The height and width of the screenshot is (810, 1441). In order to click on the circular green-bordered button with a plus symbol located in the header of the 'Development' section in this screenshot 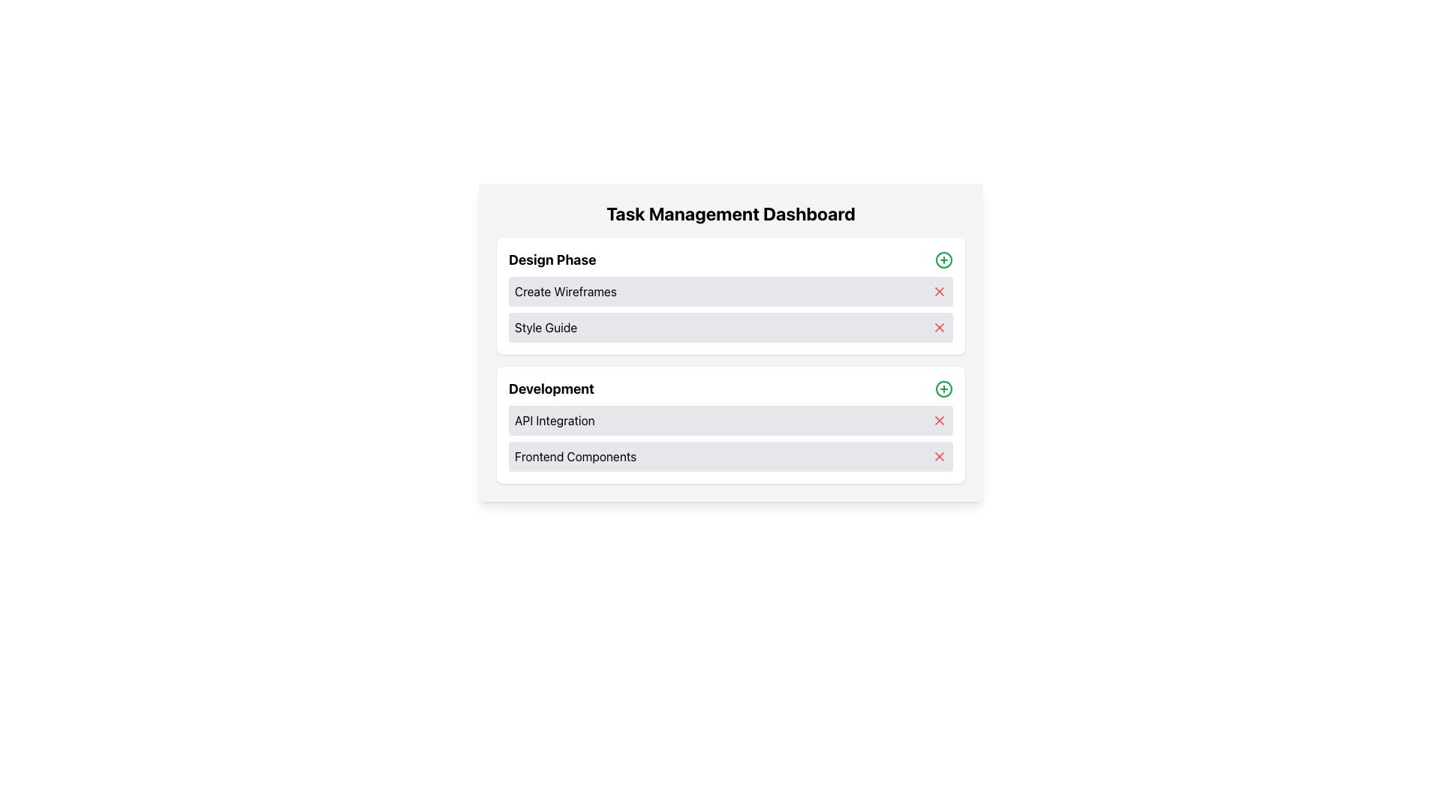, I will do `click(943, 388)`.